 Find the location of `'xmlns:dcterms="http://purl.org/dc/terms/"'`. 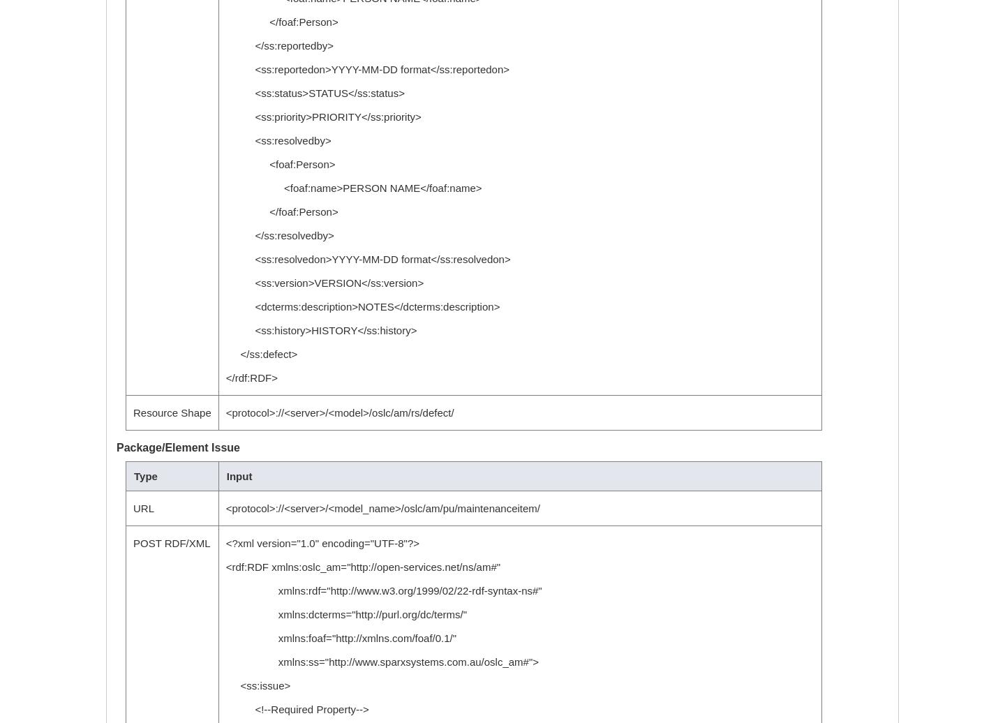

'xmlns:dcterms="http://purl.org/dc/terms/"' is located at coordinates (346, 614).